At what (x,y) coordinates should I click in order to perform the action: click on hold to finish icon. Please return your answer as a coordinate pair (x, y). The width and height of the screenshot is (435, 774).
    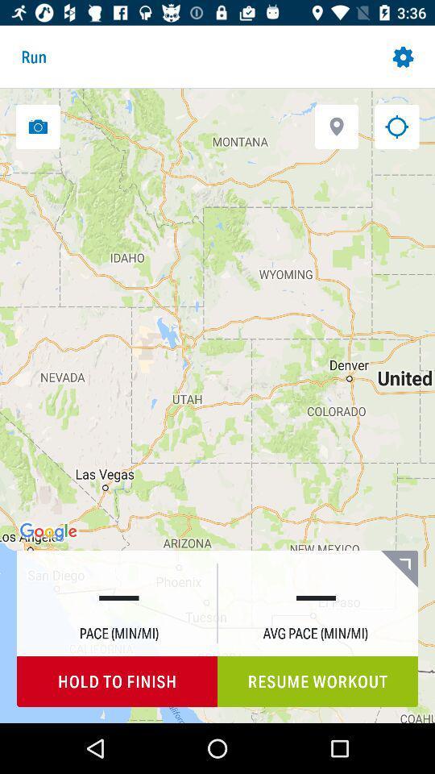
    Looking at the image, I should click on (116, 680).